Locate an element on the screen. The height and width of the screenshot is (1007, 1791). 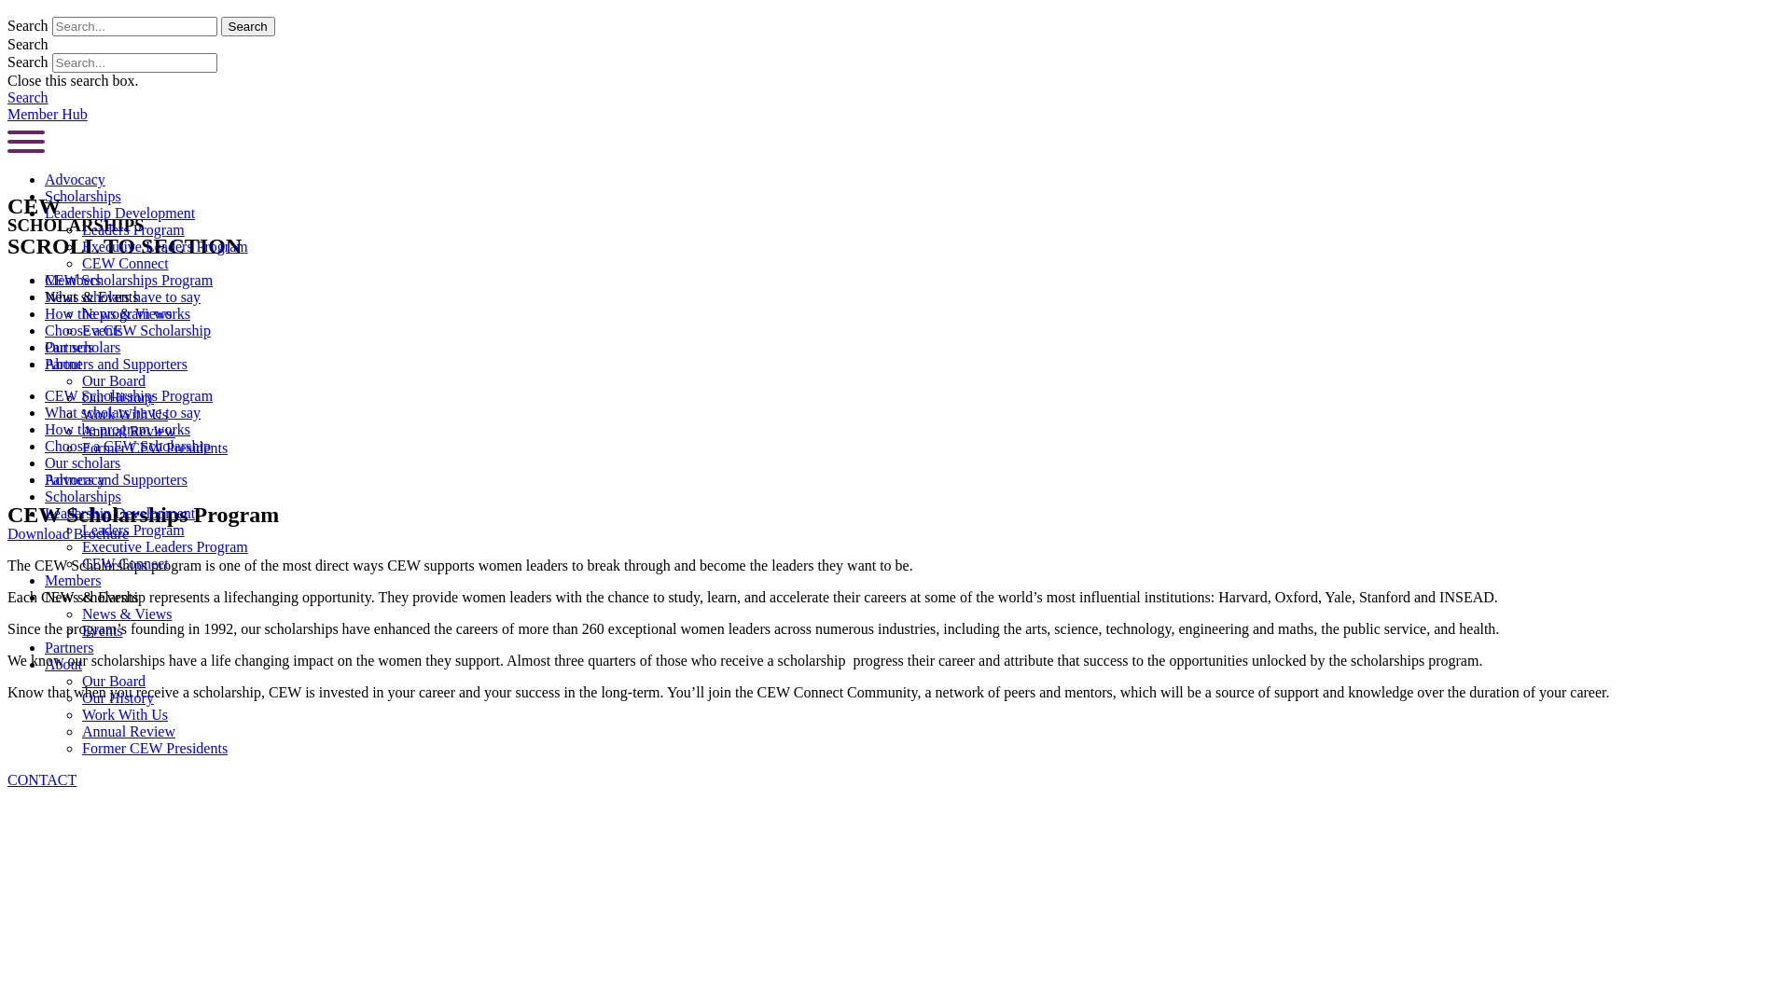
'Events' is located at coordinates (102, 329).